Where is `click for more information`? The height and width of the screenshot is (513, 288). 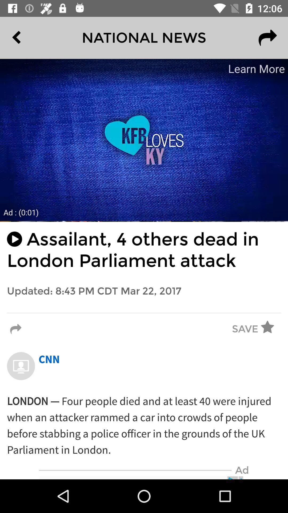 click for more information is located at coordinates (144, 140).